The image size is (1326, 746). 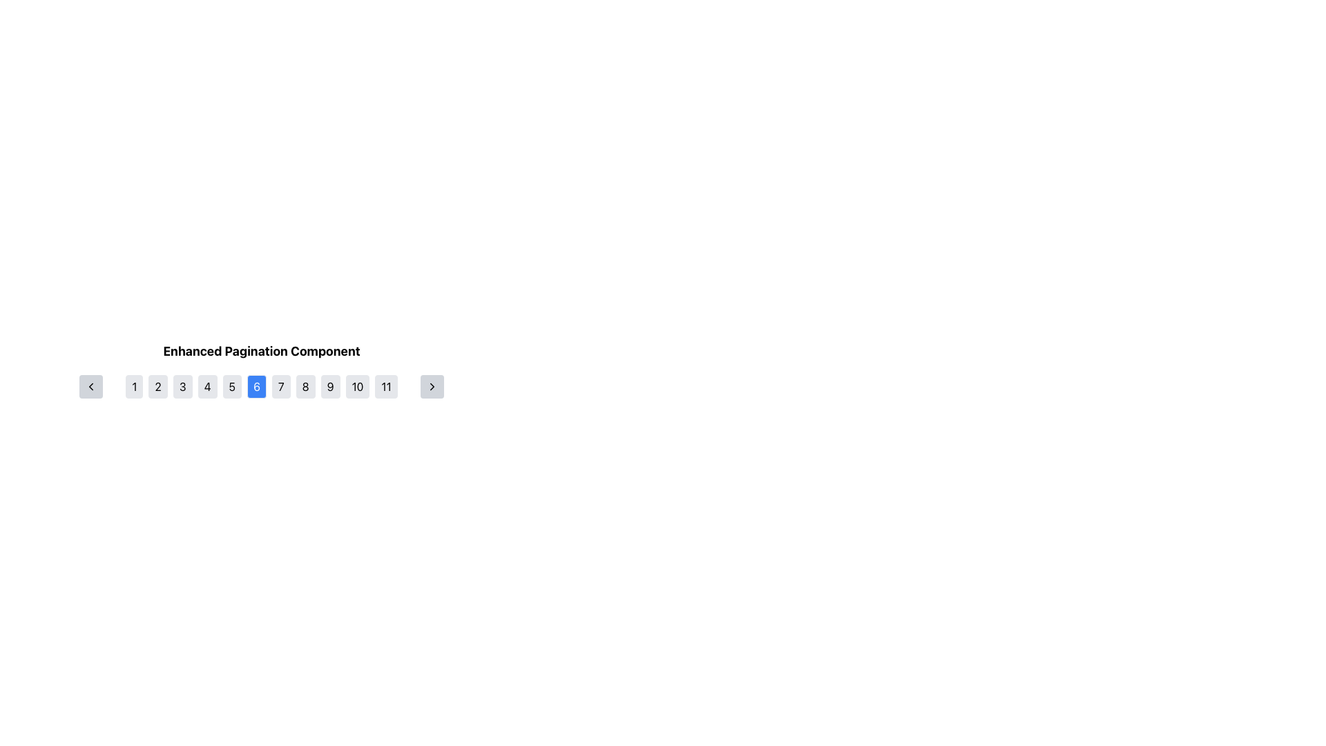 What do you see at coordinates (386, 386) in the screenshot?
I see `the rectangular button with the bold black text '11', located as the last button on the far right of the pagination control` at bounding box center [386, 386].